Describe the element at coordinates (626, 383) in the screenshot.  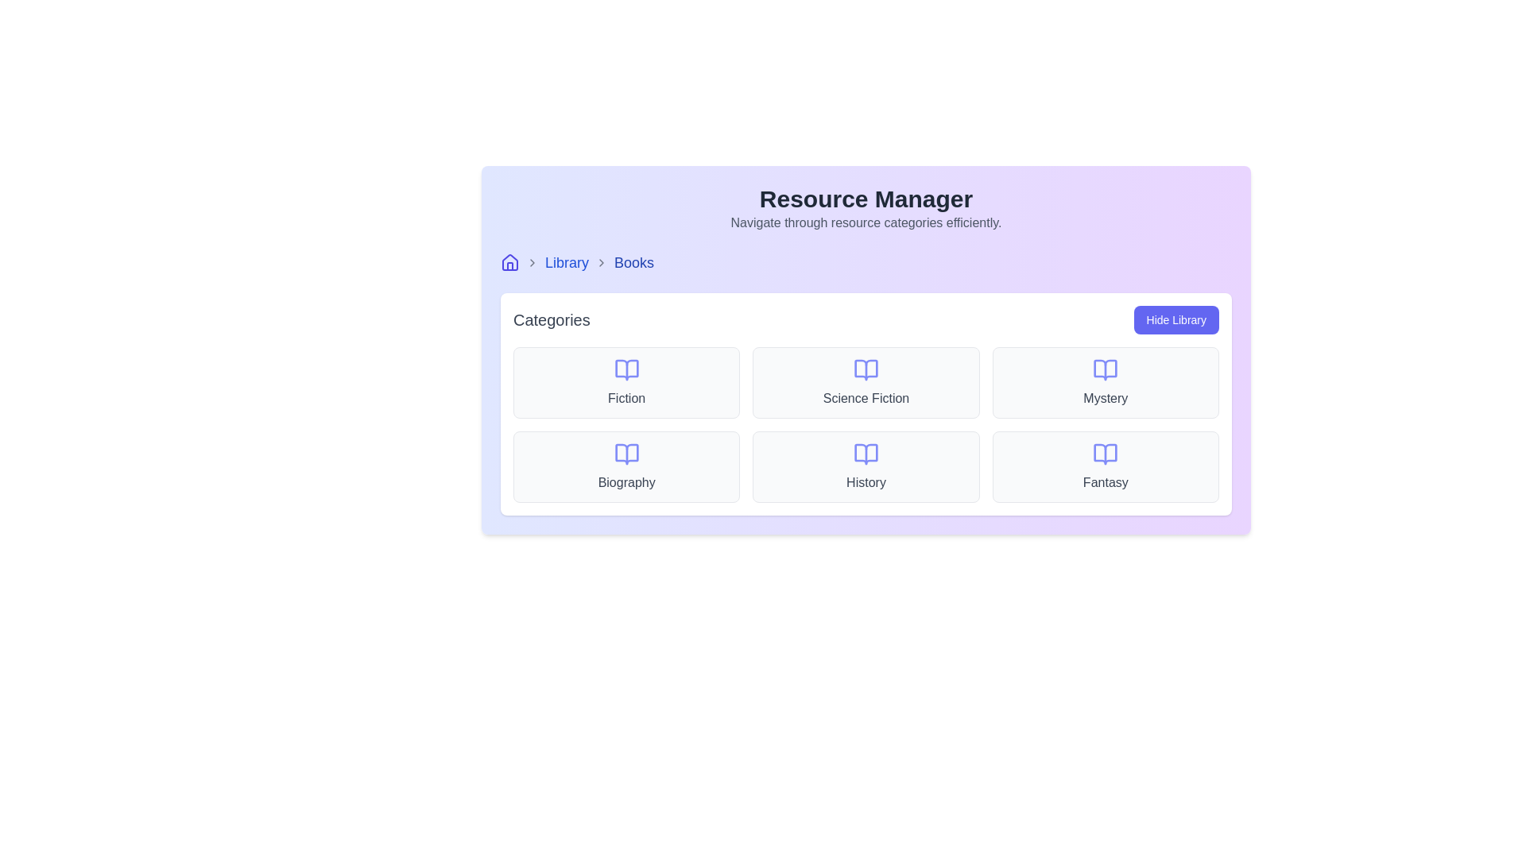
I see `the 'Fiction' category card within the 'Categories' section` at that location.